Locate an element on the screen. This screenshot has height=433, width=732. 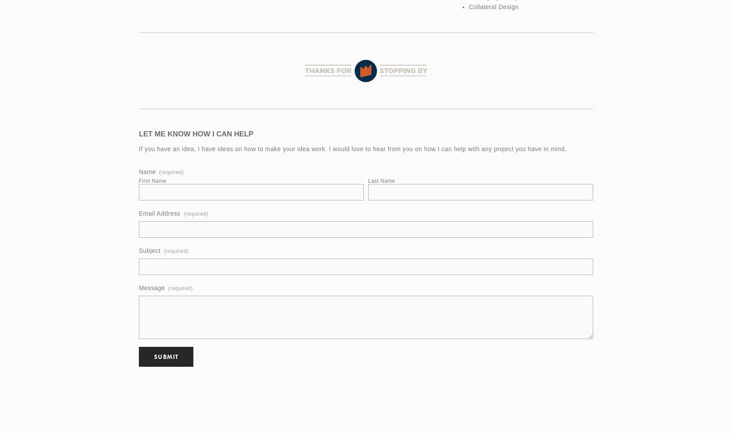
'Subject' is located at coordinates (149, 250).